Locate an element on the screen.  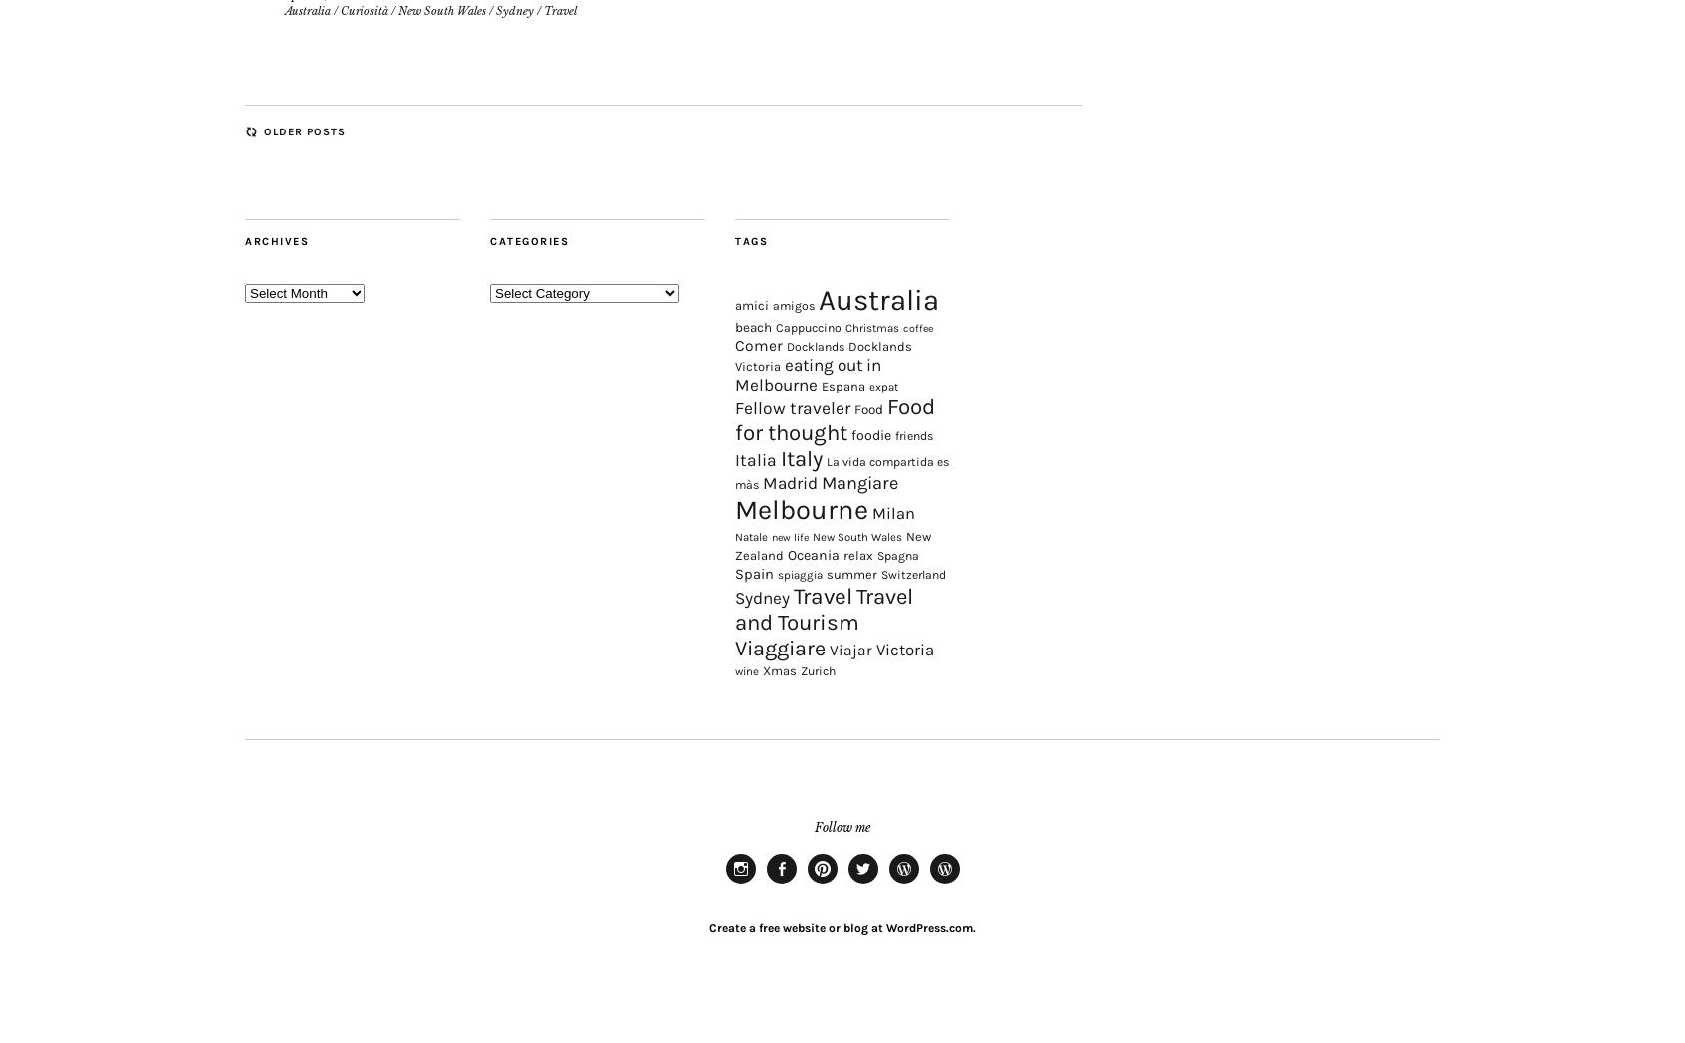
'Archives' is located at coordinates (276, 290).